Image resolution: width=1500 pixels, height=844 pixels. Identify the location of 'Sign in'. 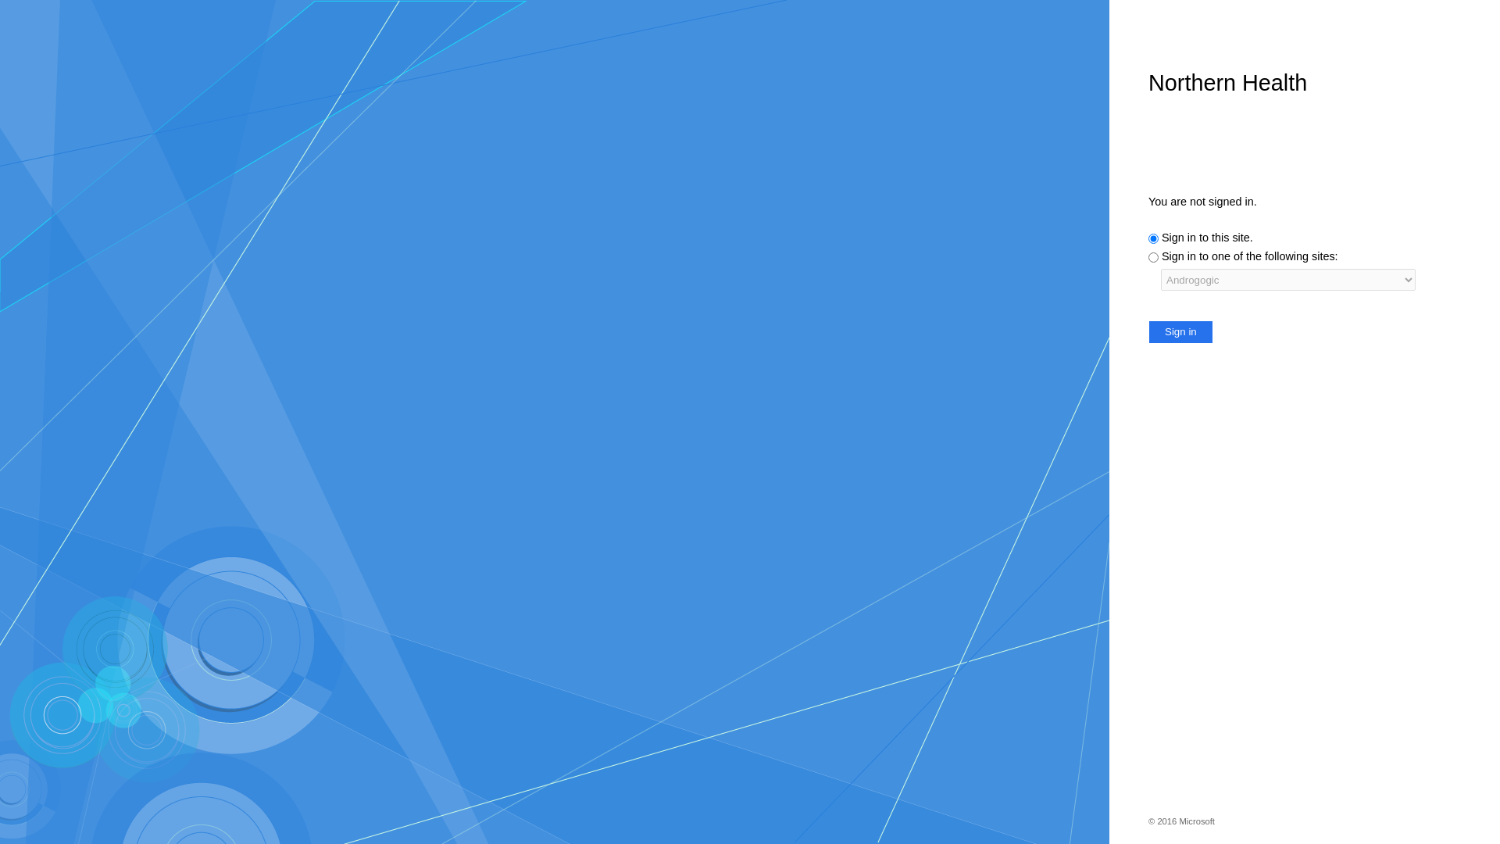
(1180, 331).